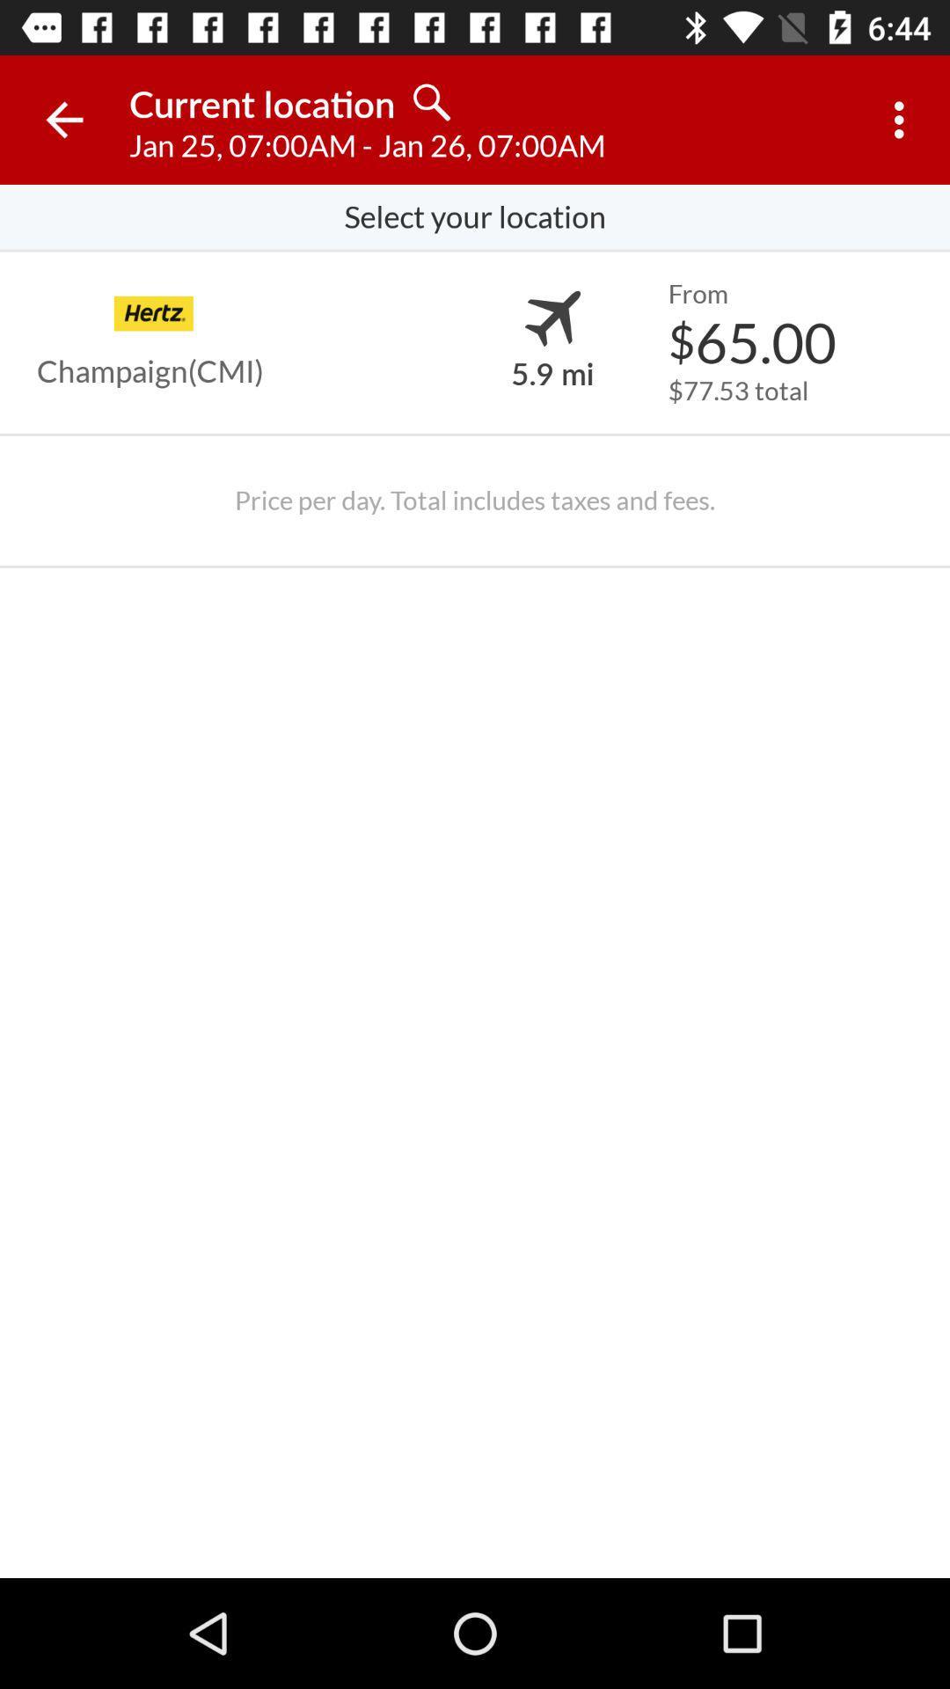  I want to click on champaign(cmi) item, so click(149, 370).